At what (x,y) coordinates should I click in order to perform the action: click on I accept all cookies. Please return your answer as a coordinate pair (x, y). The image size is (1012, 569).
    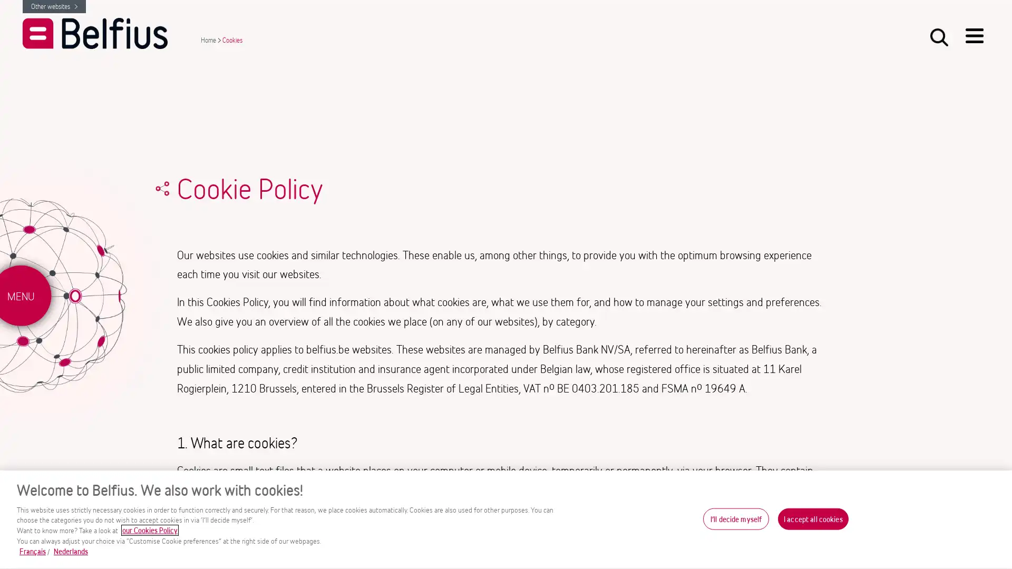
    Looking at the image, I should click on (812, 518).